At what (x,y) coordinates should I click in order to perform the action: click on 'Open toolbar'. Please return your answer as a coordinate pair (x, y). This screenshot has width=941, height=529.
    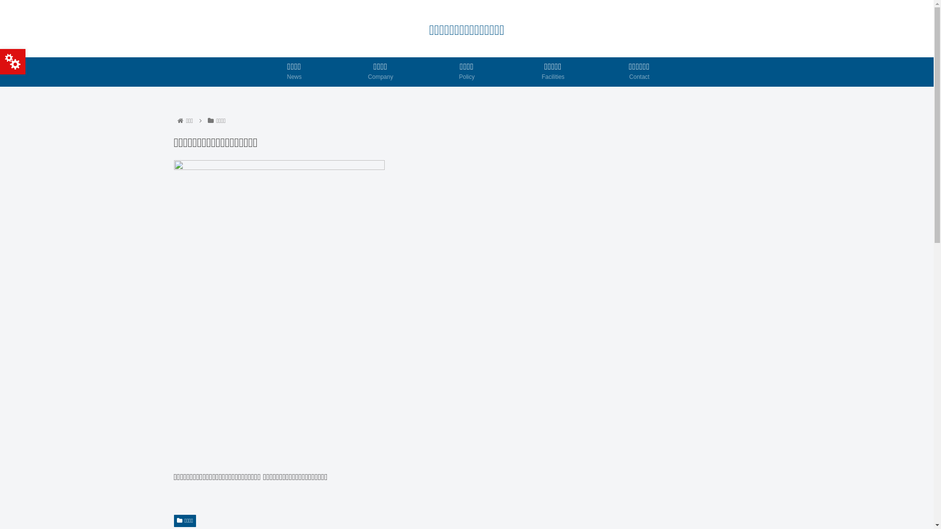
    Looking at the image, I should click on (12, 62).